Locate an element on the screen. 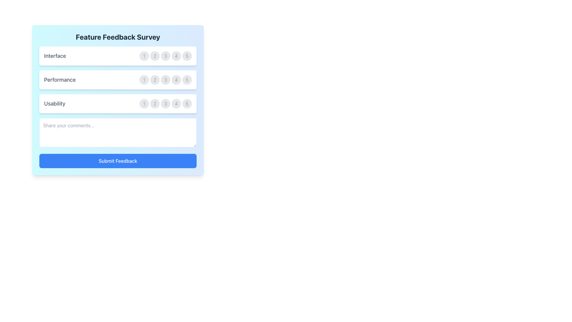 This screenshot has width=572, height=322. and drop the Text Area for user feedback located below the usability feedback section and above the 'Submit Feedback' button is located at coordinates (118, 132).